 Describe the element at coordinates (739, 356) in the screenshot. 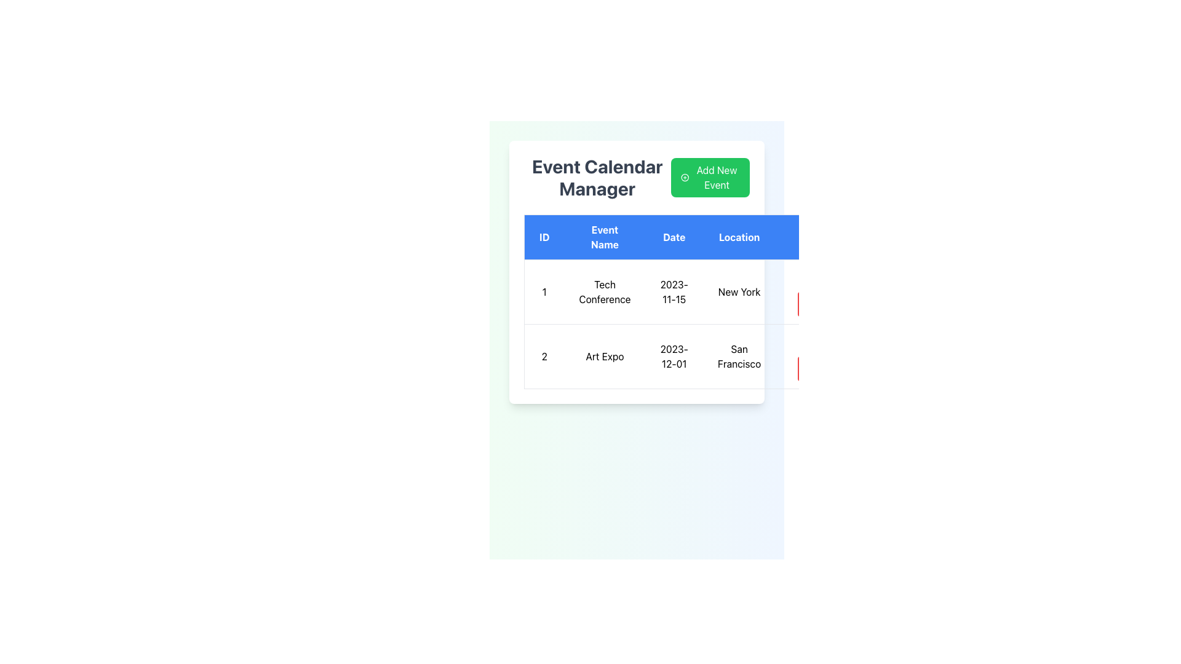

I see `the text element displaying 'San Francisco' in the 'Location' column of the table, positioned in the fourth cell of the second row` at that location.